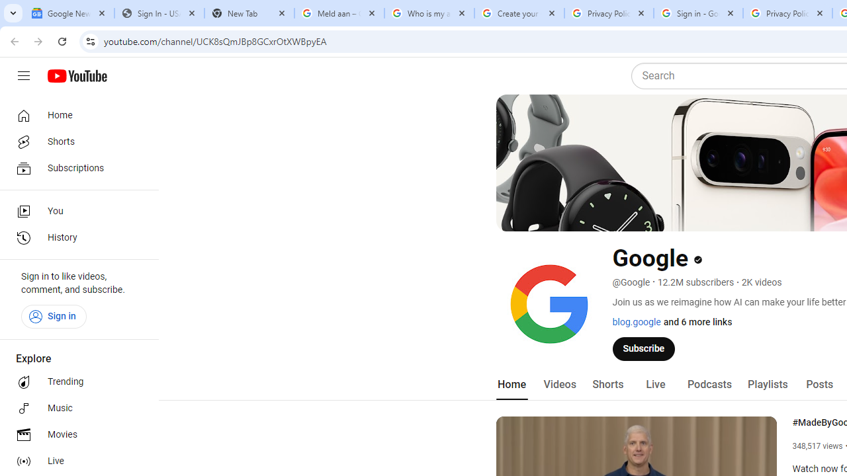 The height and width of the screenshot is (476, 847). I want to click on 'Videos', so click(559, 384).